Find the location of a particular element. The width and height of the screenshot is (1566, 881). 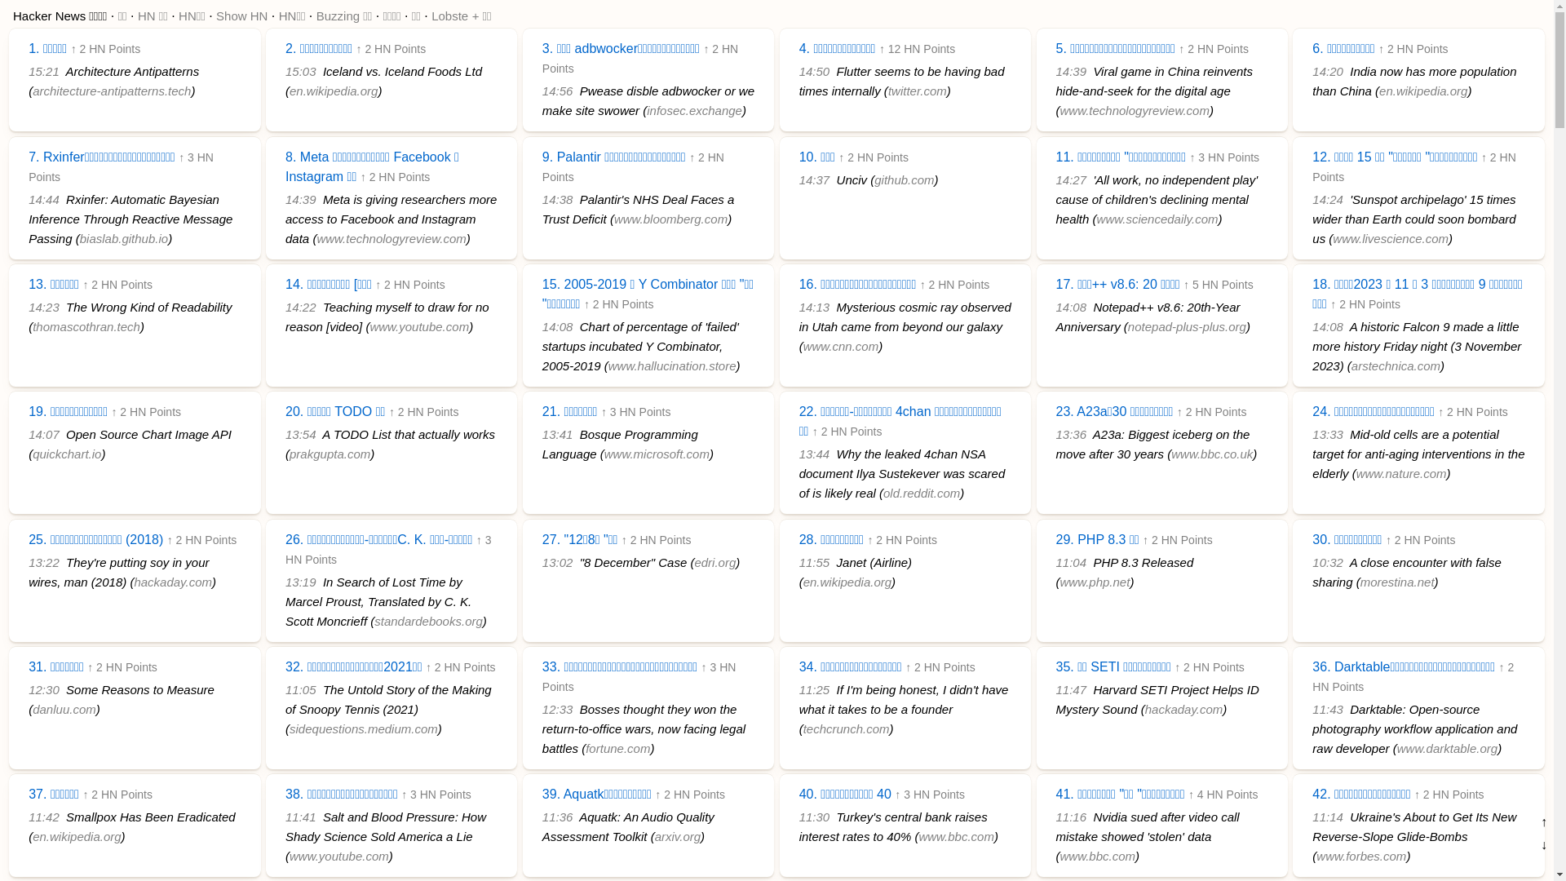

'Show HN' is located at coordinates (241, 15).